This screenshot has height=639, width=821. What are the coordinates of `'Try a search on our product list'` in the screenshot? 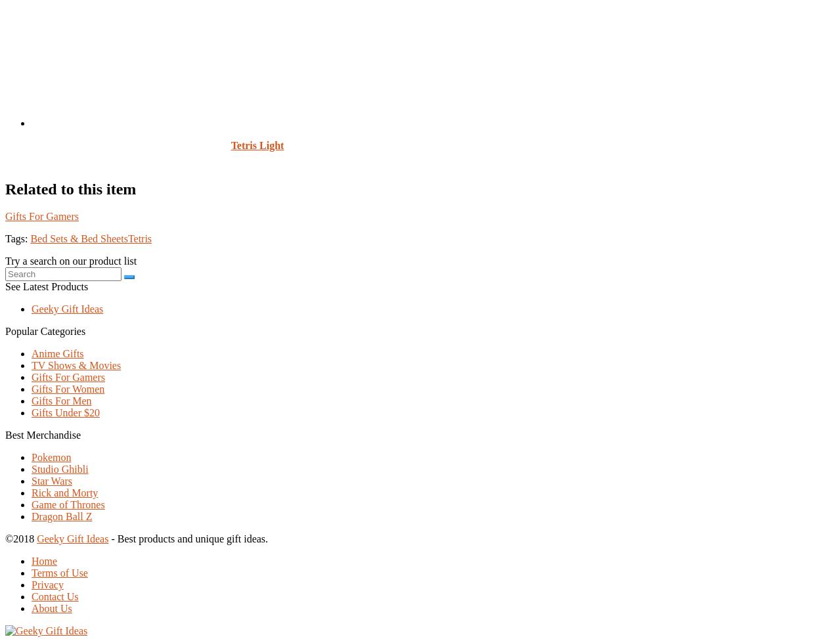 It's located at (70, 260).